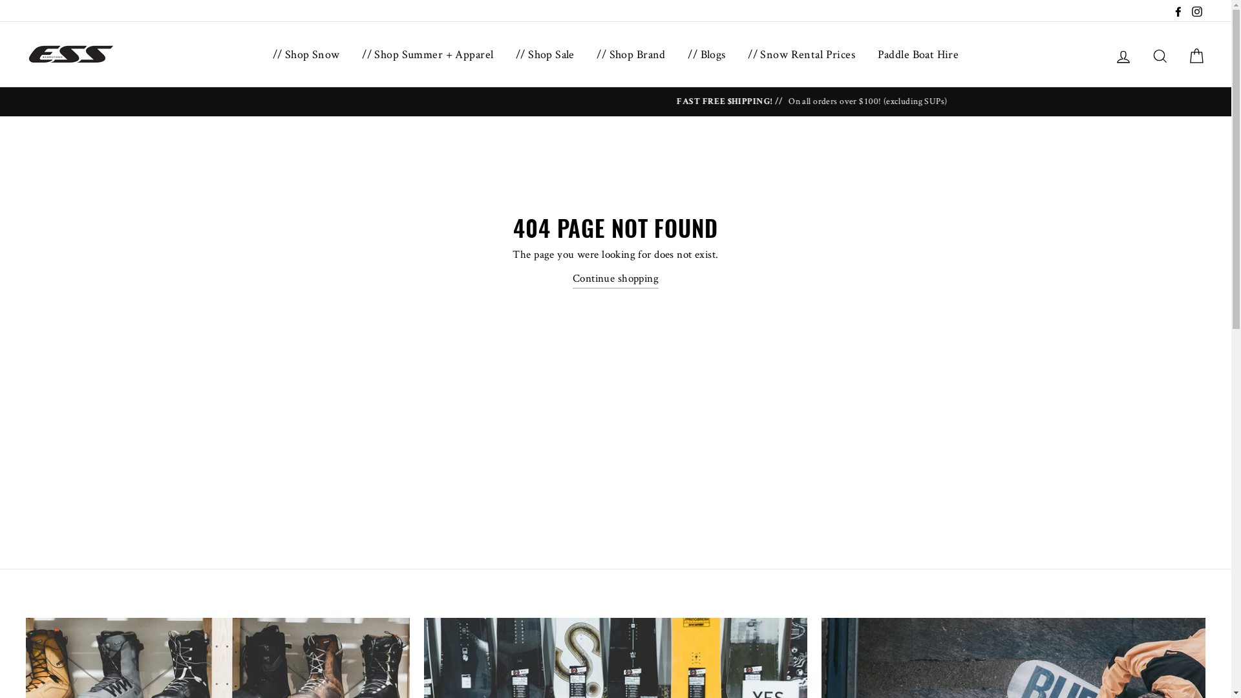 This screenshot has width=1241, height=698. Describe the element at coordinates (615, 101) in the screenshot. I see `'THE ESS BOOTFIT GUARANTEE // READ MORE ON ESS BOOTFITTING'` at that location.